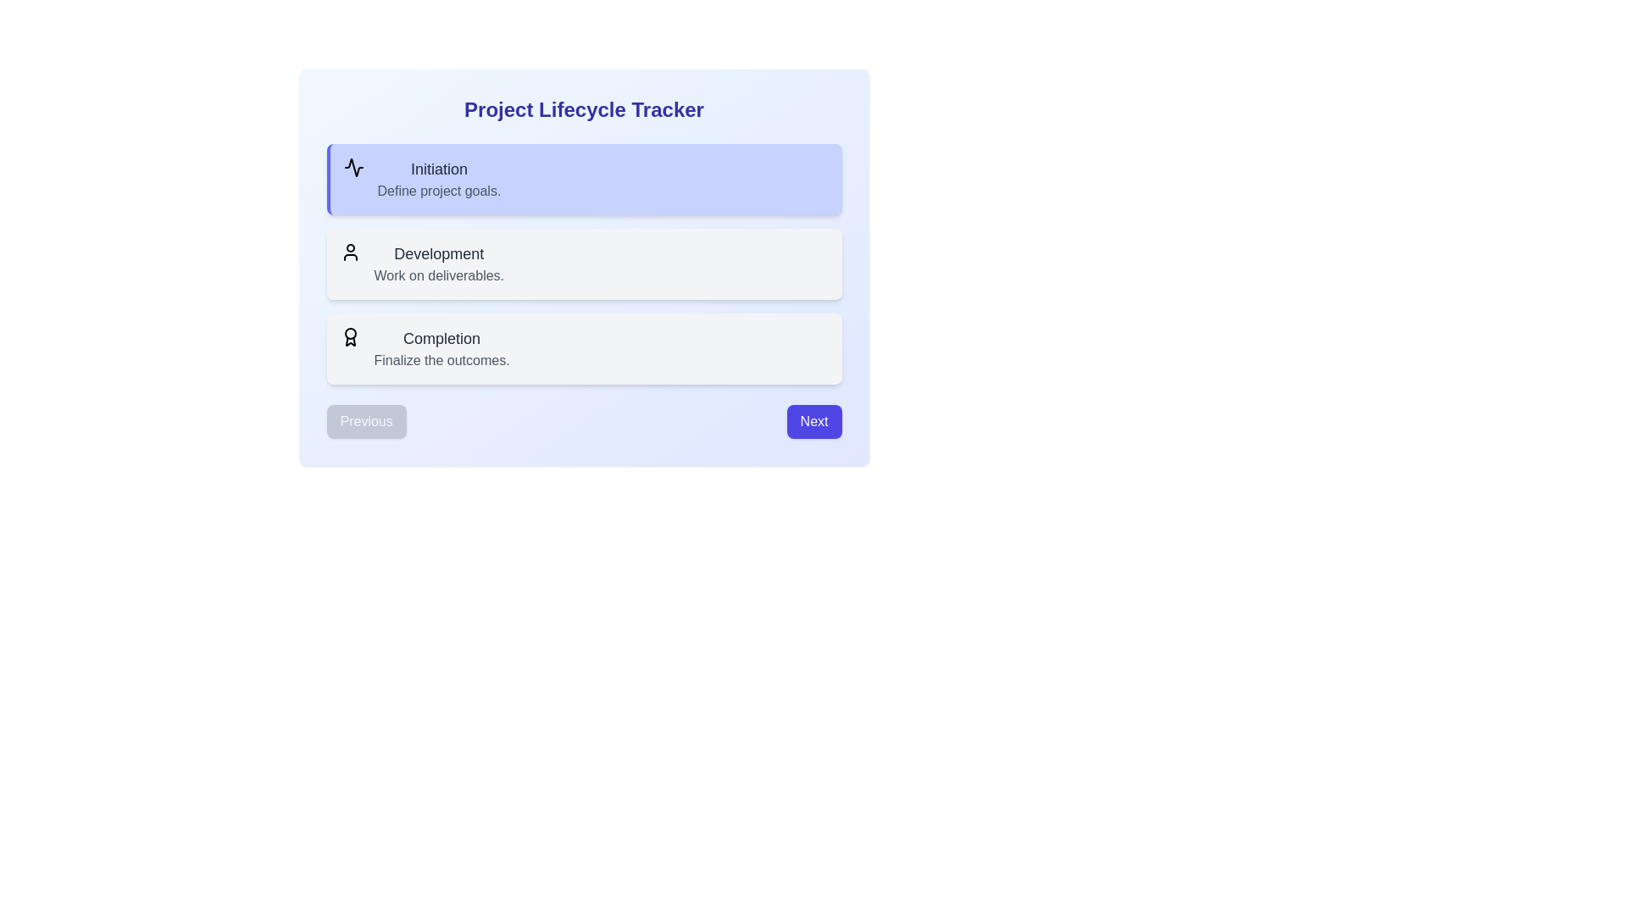 This screenshot has height=915, width=1627. I want to click on text of the section header located at the bottom of the three main section items, which is the title for the content below it, so click(441, 339).